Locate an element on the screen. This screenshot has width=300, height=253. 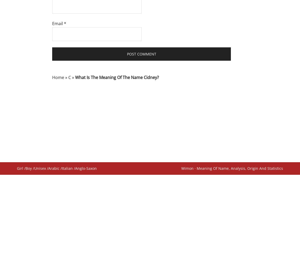
'Boy' is located at coordinates (28, 168).